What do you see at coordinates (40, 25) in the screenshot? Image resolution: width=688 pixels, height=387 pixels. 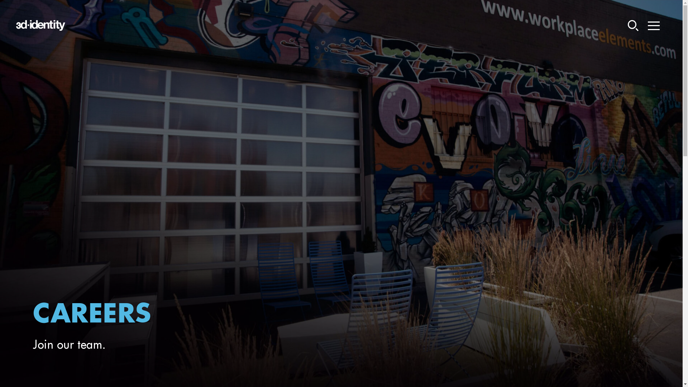 I see `'3DI - Logo'` at bounding box center [40, 25].